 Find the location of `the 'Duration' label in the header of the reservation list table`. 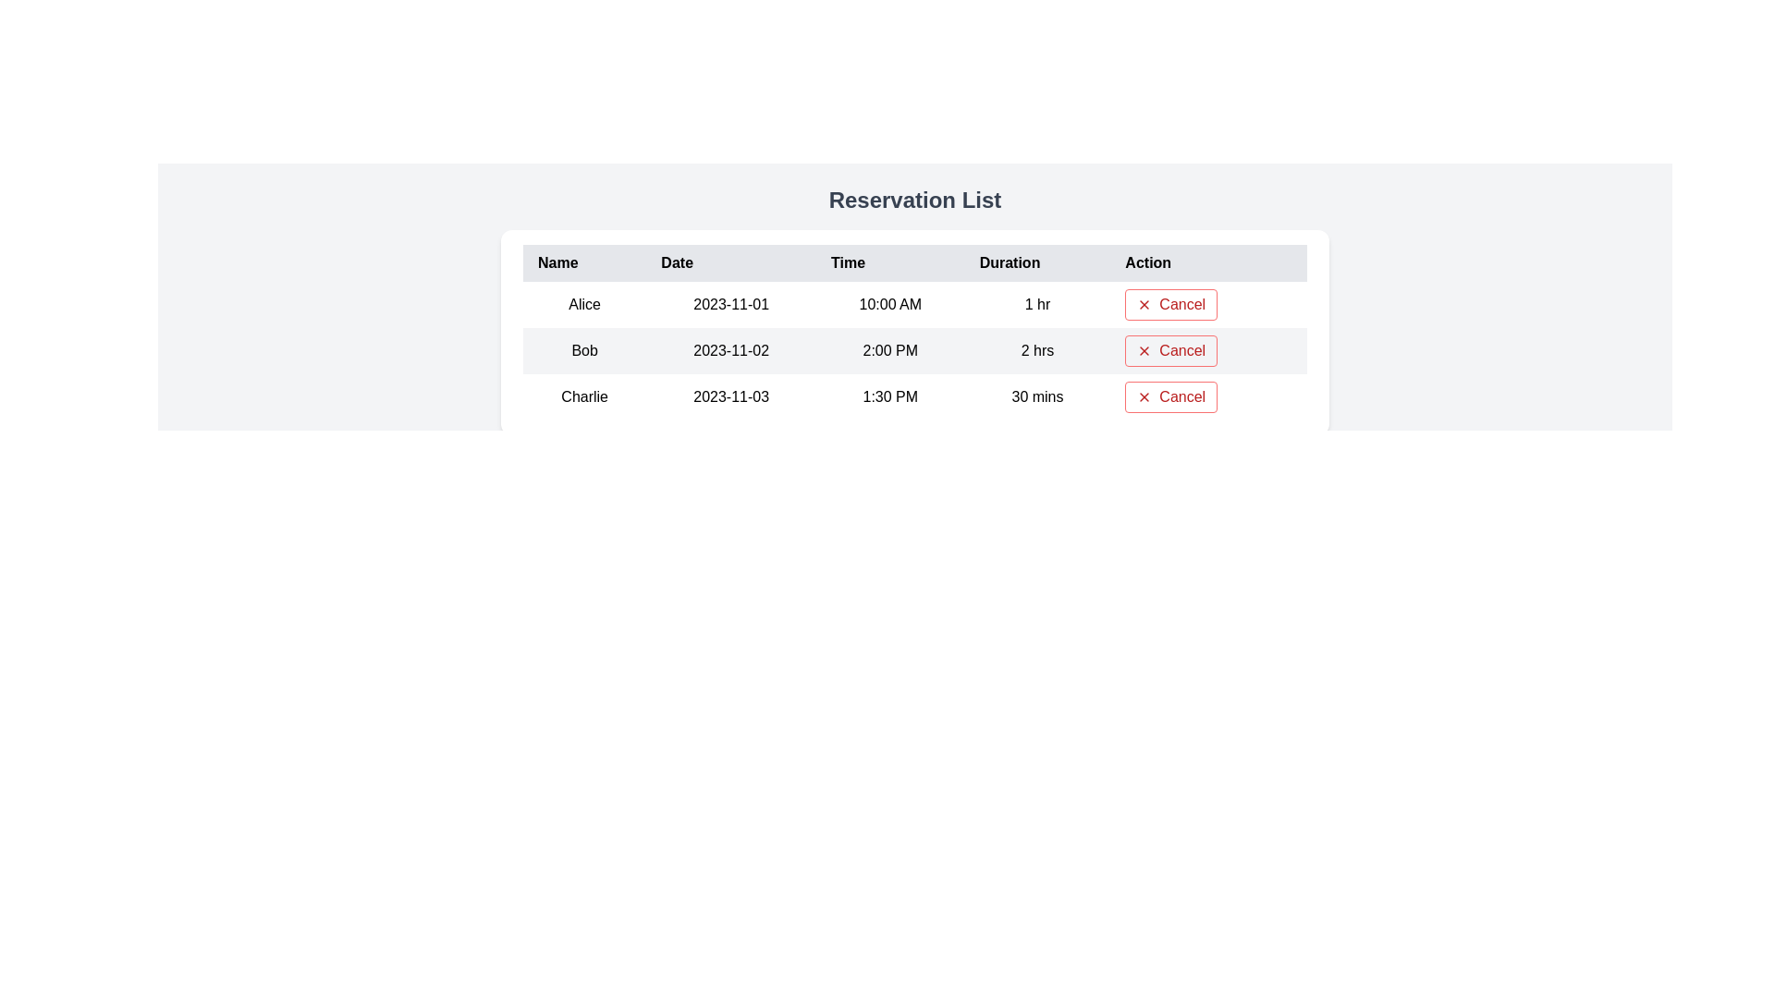

the 'Duration' label in the header of the reservation list table is located at coordinates (1037, 263).